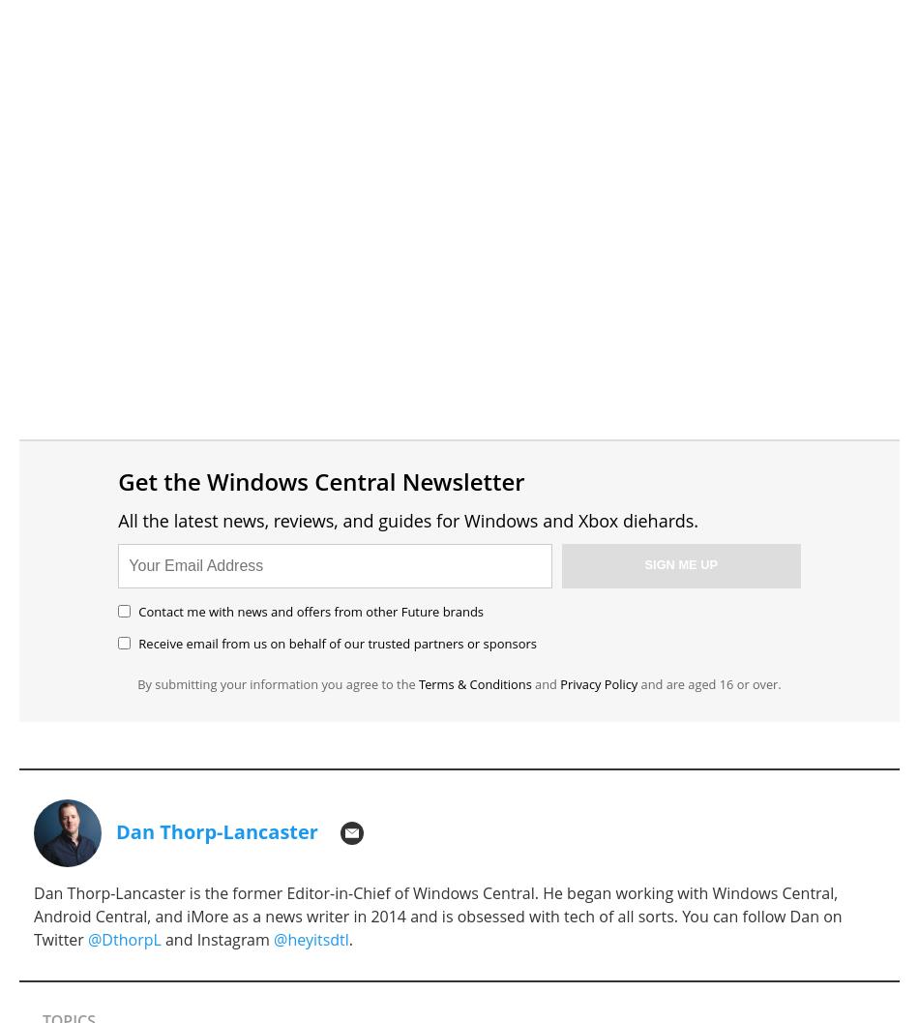  Describe the element at coordinates (436, 916) in the screenshot. I see `'Dan Thorp-Lancaster is the former Editor-in-Chief of Windows Central. He began working with Windows Central, Android Central, and iMore as a news writer in 2014 and is obsessed with tech of all sorts. You can follow Dan on Twitter'` at that location.